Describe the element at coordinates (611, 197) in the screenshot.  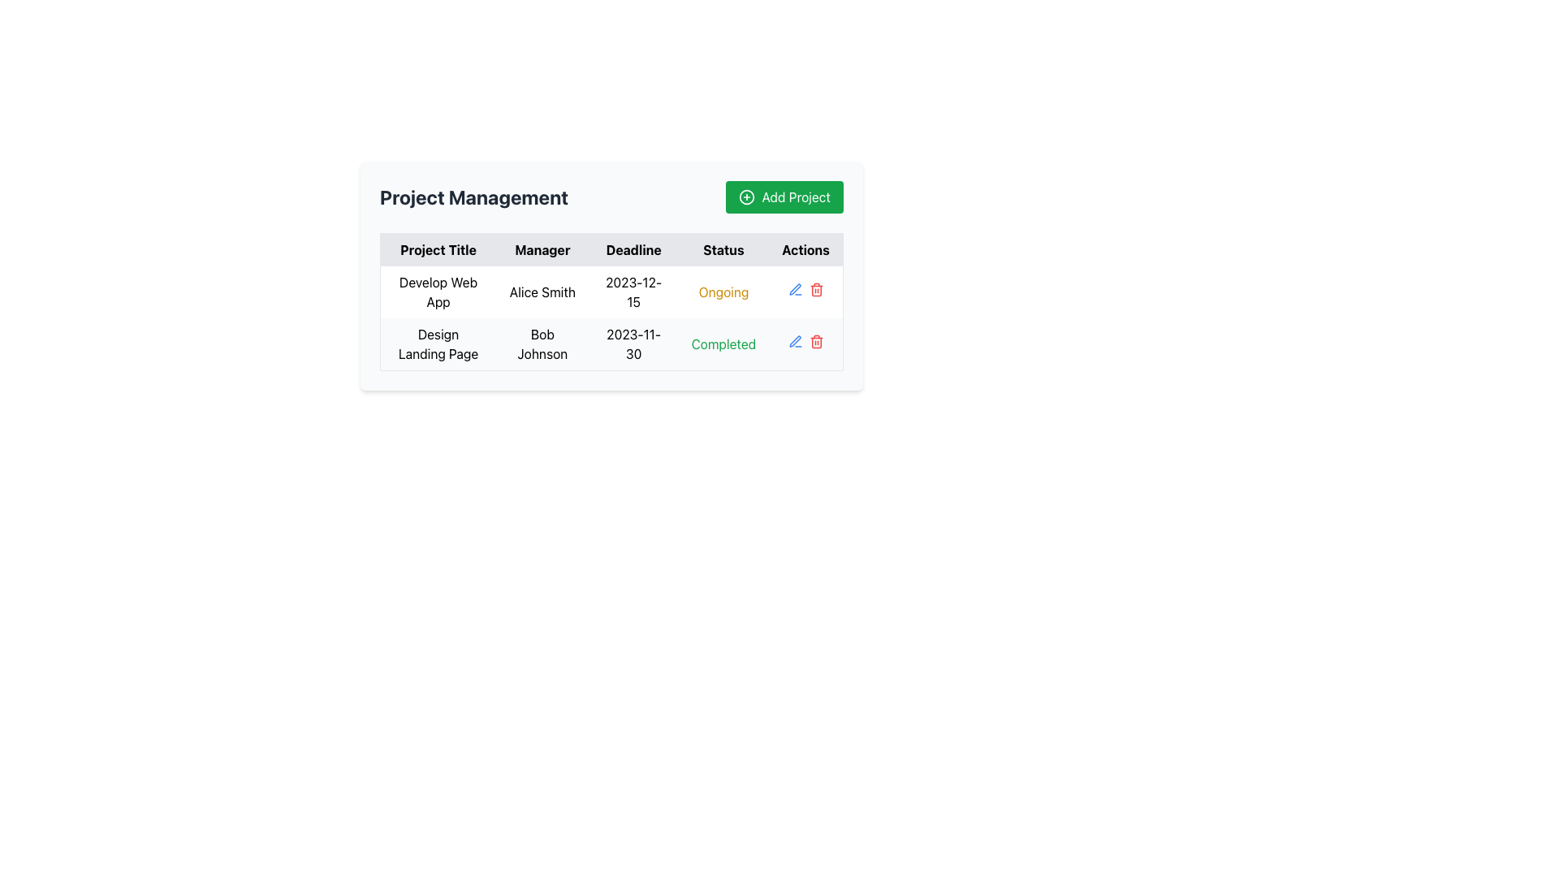
I see `the 'Add Project' button in the 'Project Management' section` at that location.